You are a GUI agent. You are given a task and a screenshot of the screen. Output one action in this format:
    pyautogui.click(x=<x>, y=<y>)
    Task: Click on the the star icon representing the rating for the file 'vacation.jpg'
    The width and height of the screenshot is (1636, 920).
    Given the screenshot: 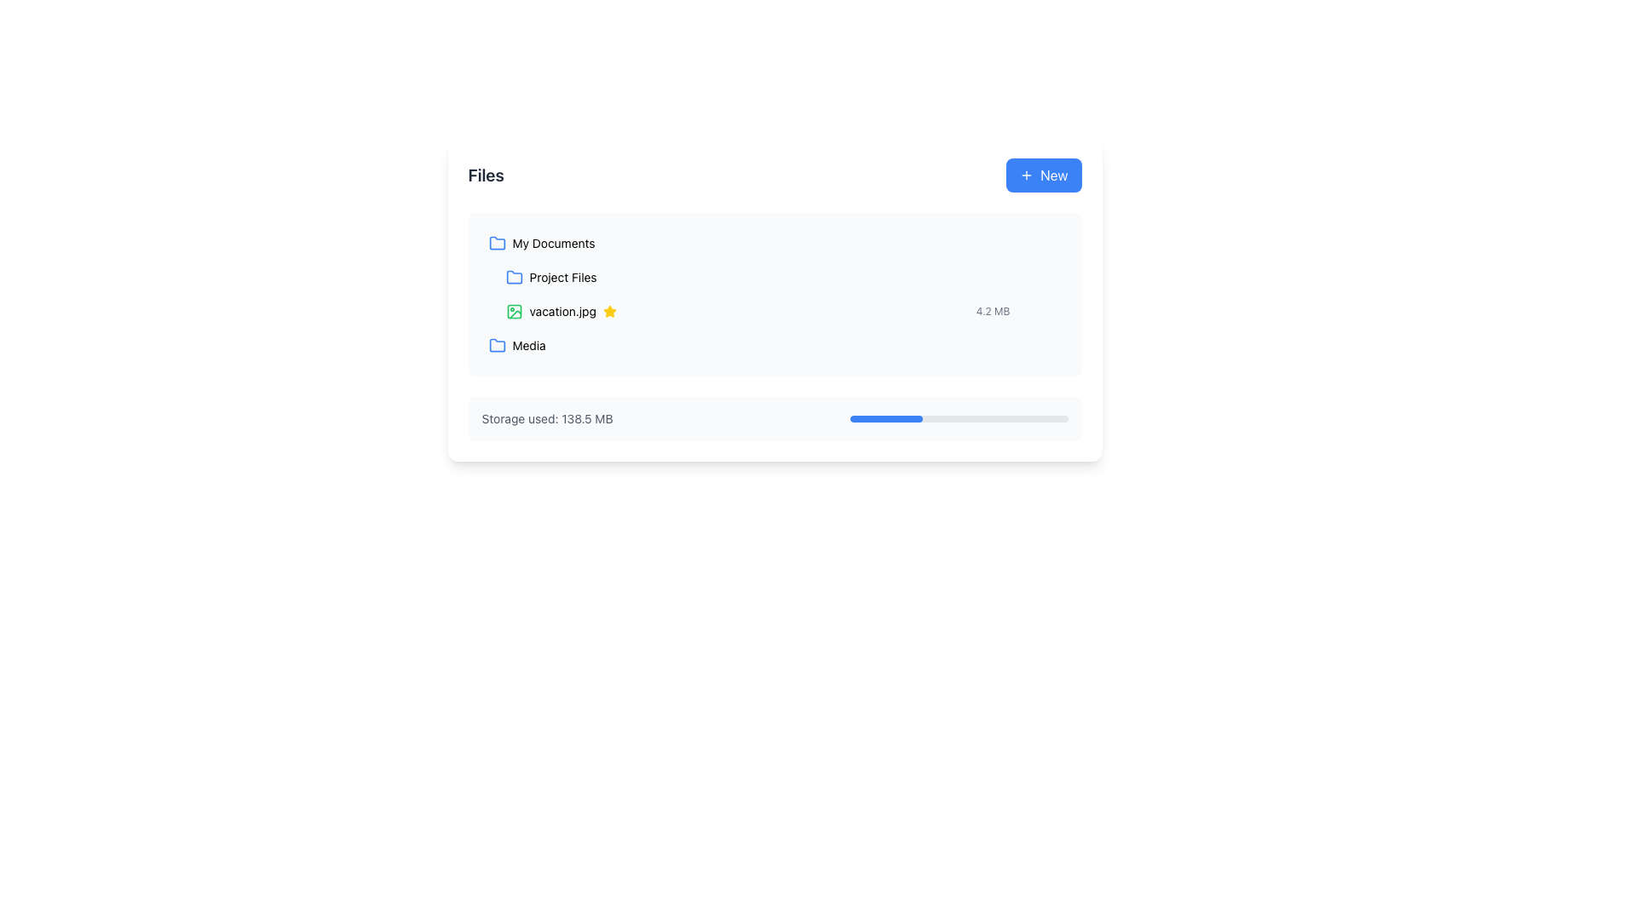 What is the action you would take?
    pyautogui.click(x=609, y=312)
    